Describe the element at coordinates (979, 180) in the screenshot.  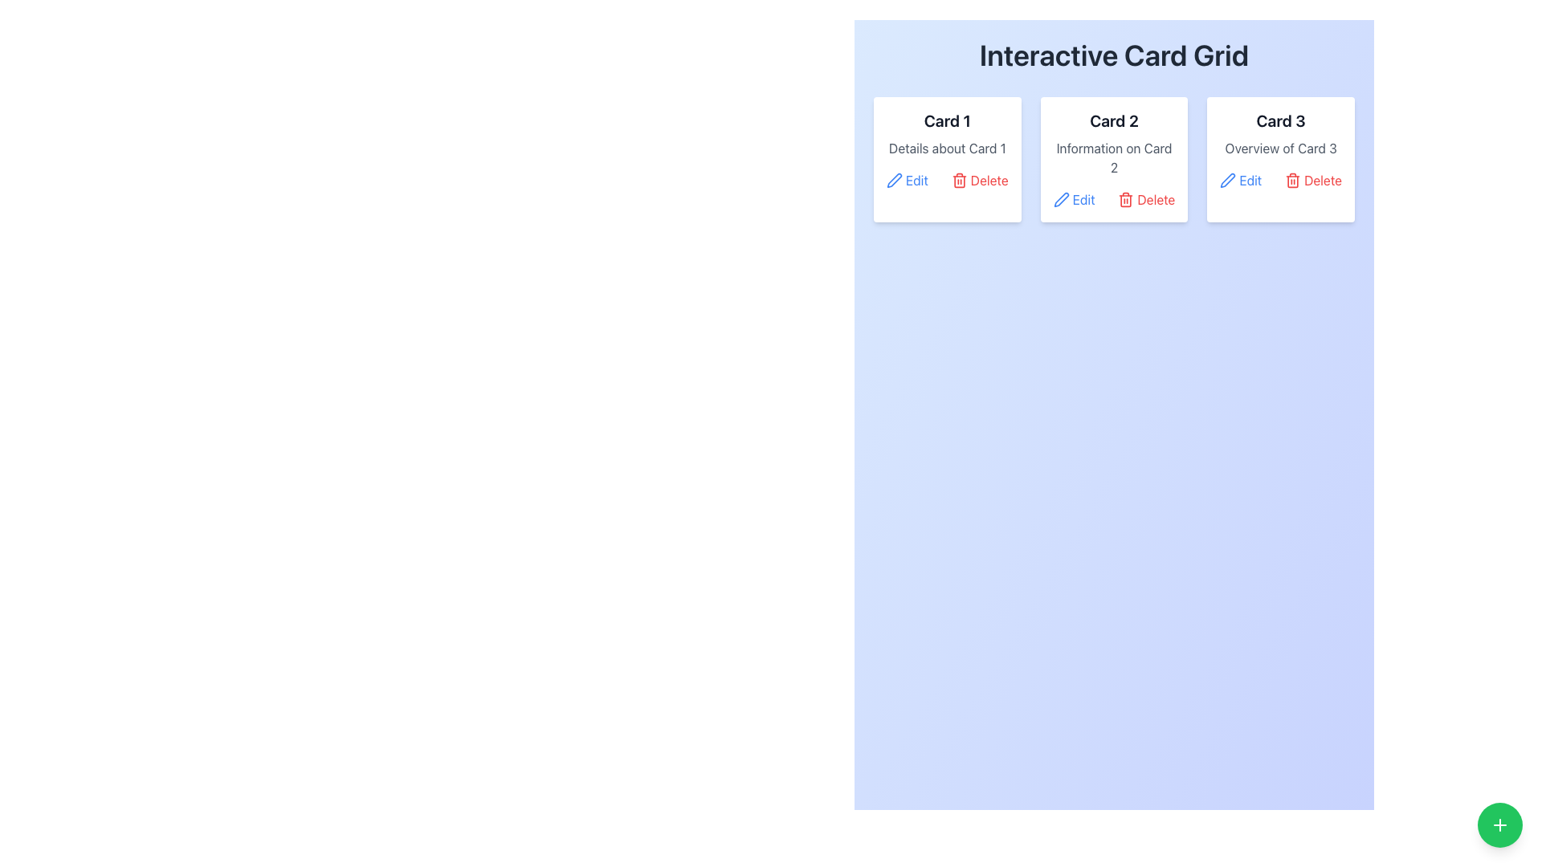
I see `the delete button located directly to the right of the blue-colored 'Edit' button in the action row below the card` at that location.